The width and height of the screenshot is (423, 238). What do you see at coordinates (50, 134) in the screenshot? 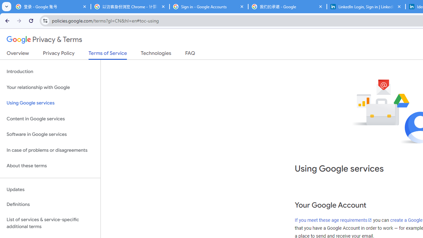
I see `'Software in Google services'` at bounding box center [50, 134].